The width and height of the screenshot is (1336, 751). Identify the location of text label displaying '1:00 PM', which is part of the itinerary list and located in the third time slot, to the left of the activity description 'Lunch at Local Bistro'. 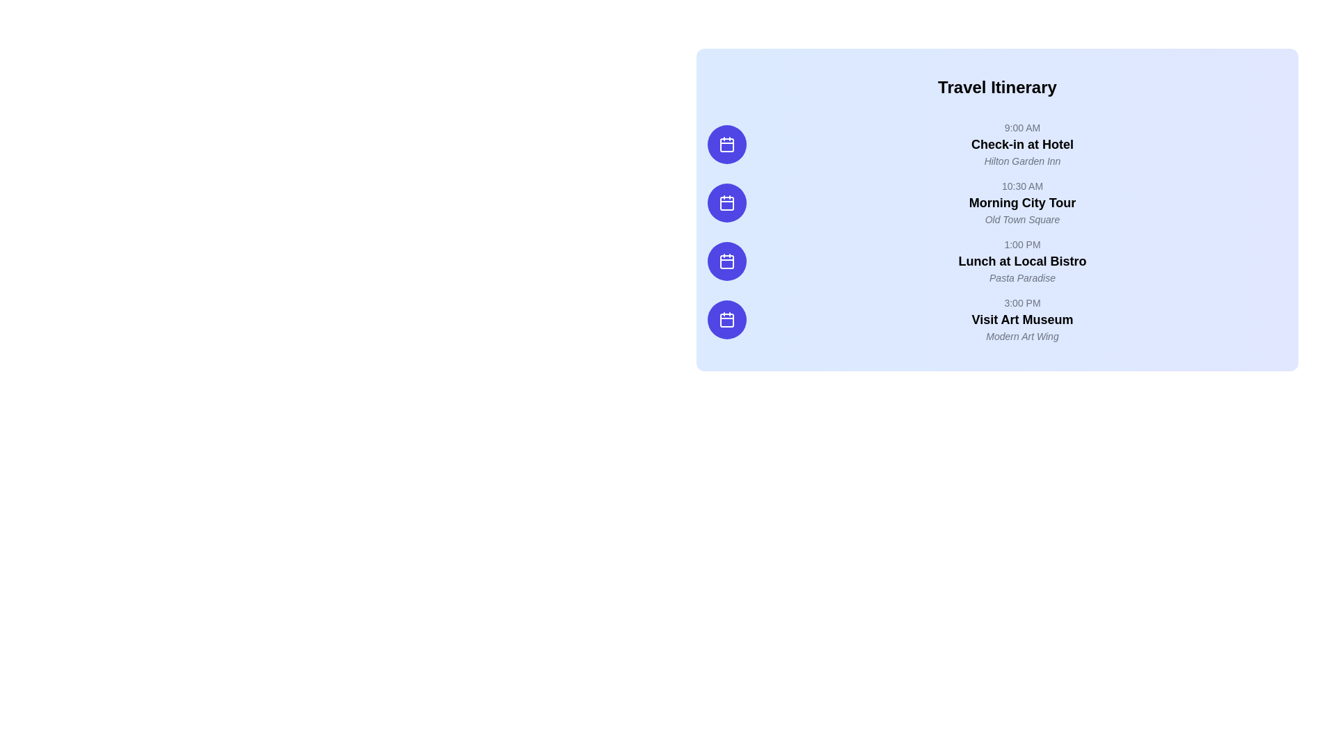
(1022, 243).